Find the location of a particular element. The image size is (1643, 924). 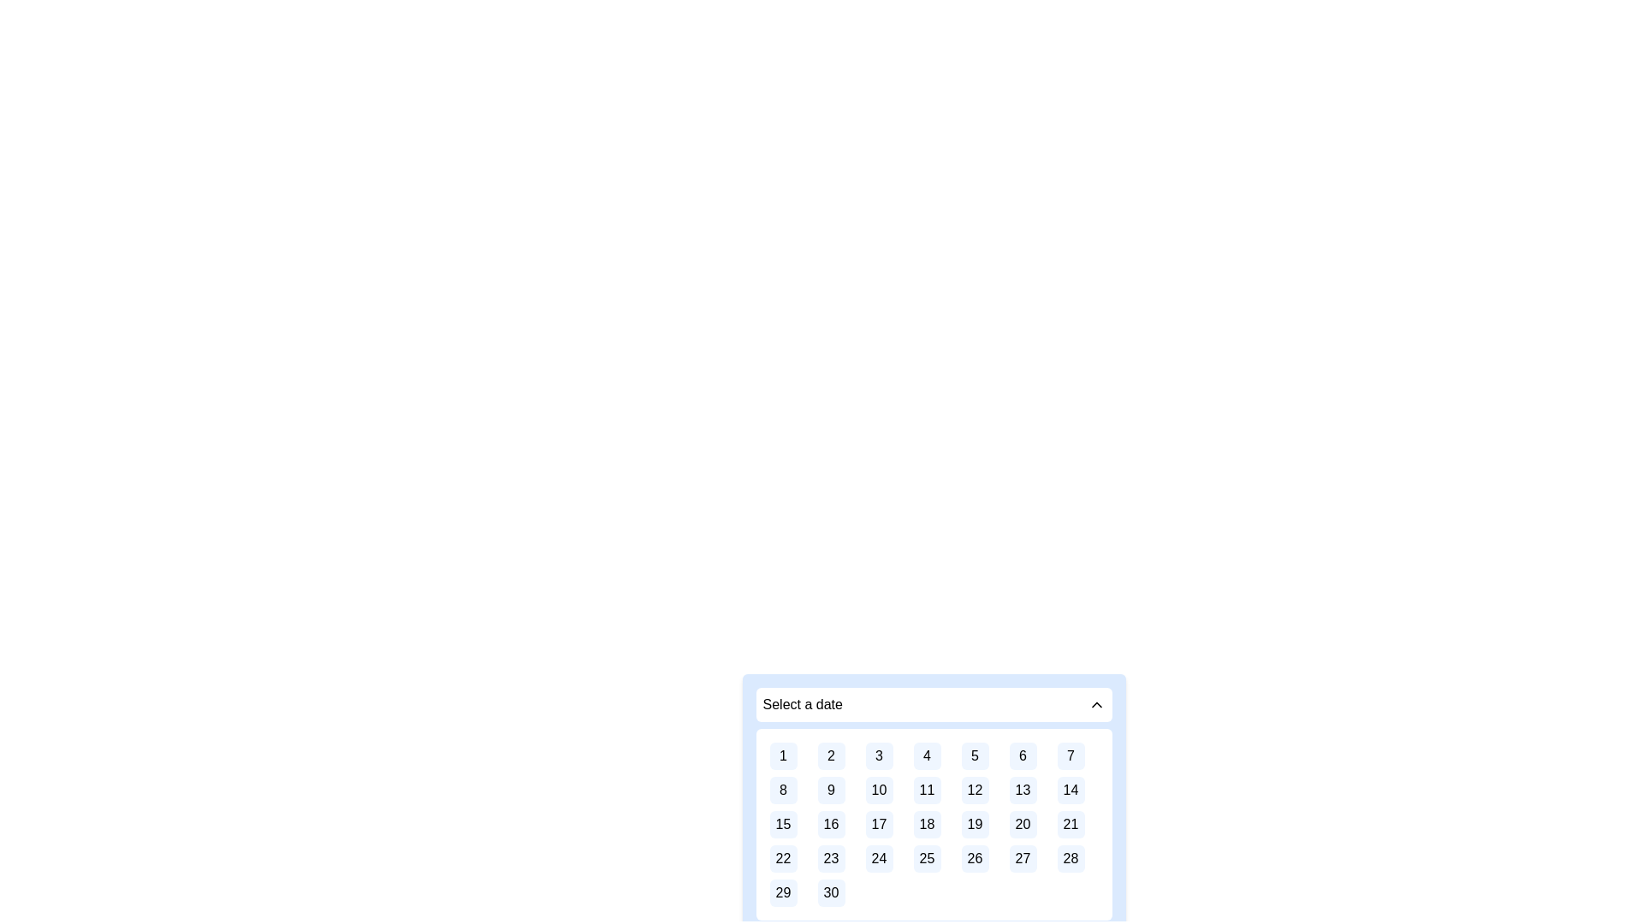

the button representing the third day of the month in the calendar interface is located at coordinates (879, 755).